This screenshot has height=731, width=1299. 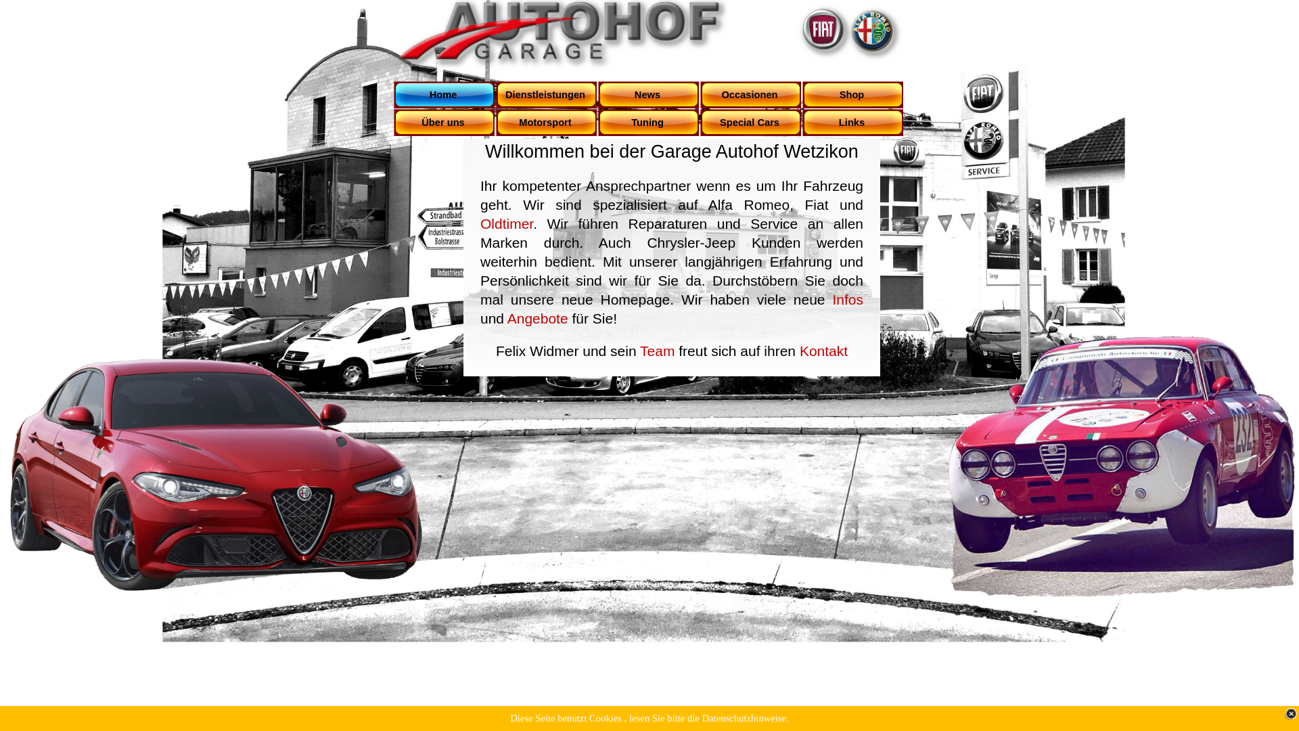 What do you see at coordinates (657, 350) in the screenshot?
I see `'Team'` at bounding box center [657, 350].